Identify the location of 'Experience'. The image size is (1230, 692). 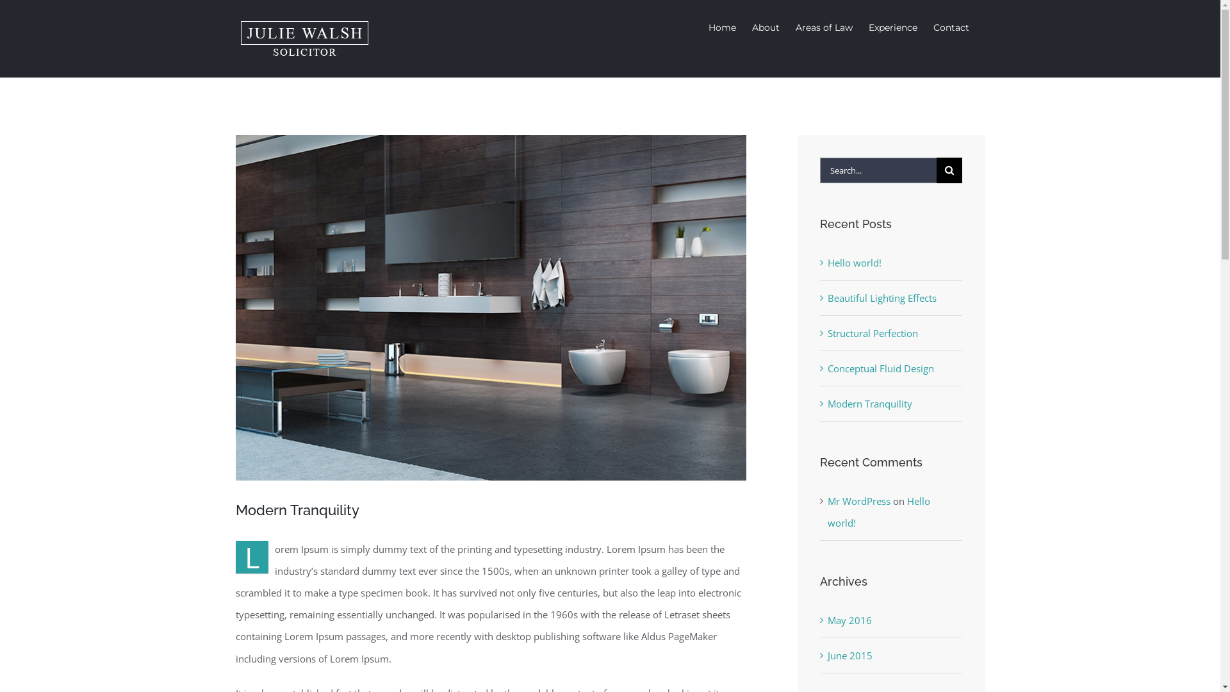
(892, 27).